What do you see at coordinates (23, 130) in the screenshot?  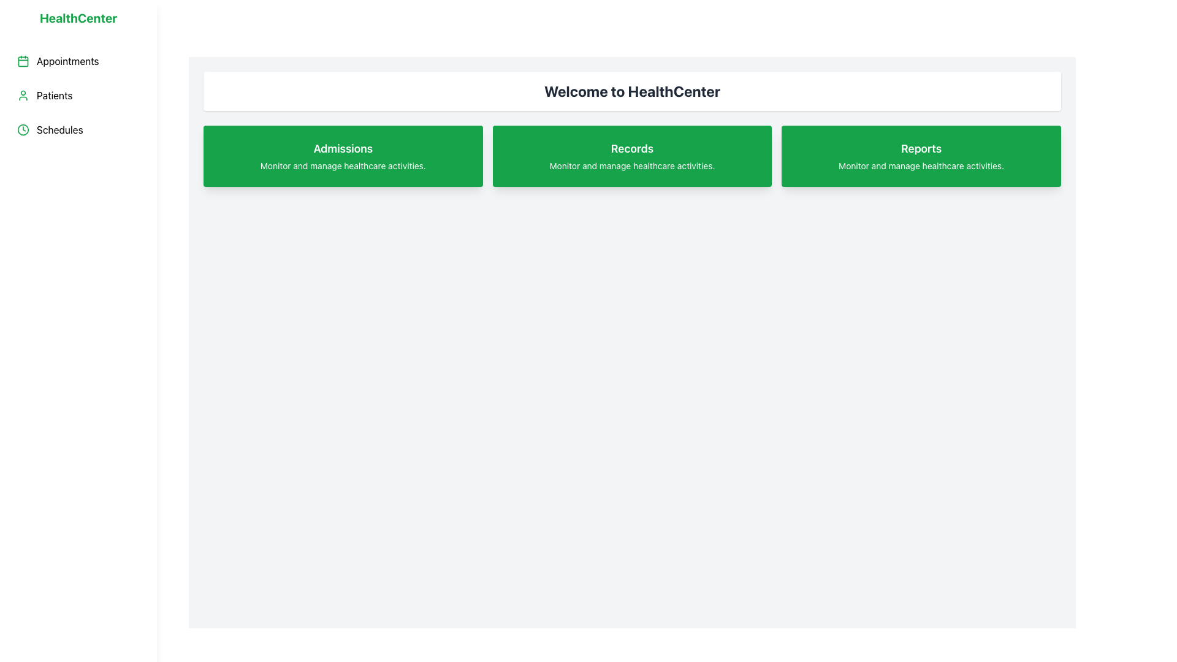 I see `the SVG Circle that represents the circular base of the clock graphic for the 'Schedules' menu item by moving the cursor to its center` at bounding box center [23, 130].